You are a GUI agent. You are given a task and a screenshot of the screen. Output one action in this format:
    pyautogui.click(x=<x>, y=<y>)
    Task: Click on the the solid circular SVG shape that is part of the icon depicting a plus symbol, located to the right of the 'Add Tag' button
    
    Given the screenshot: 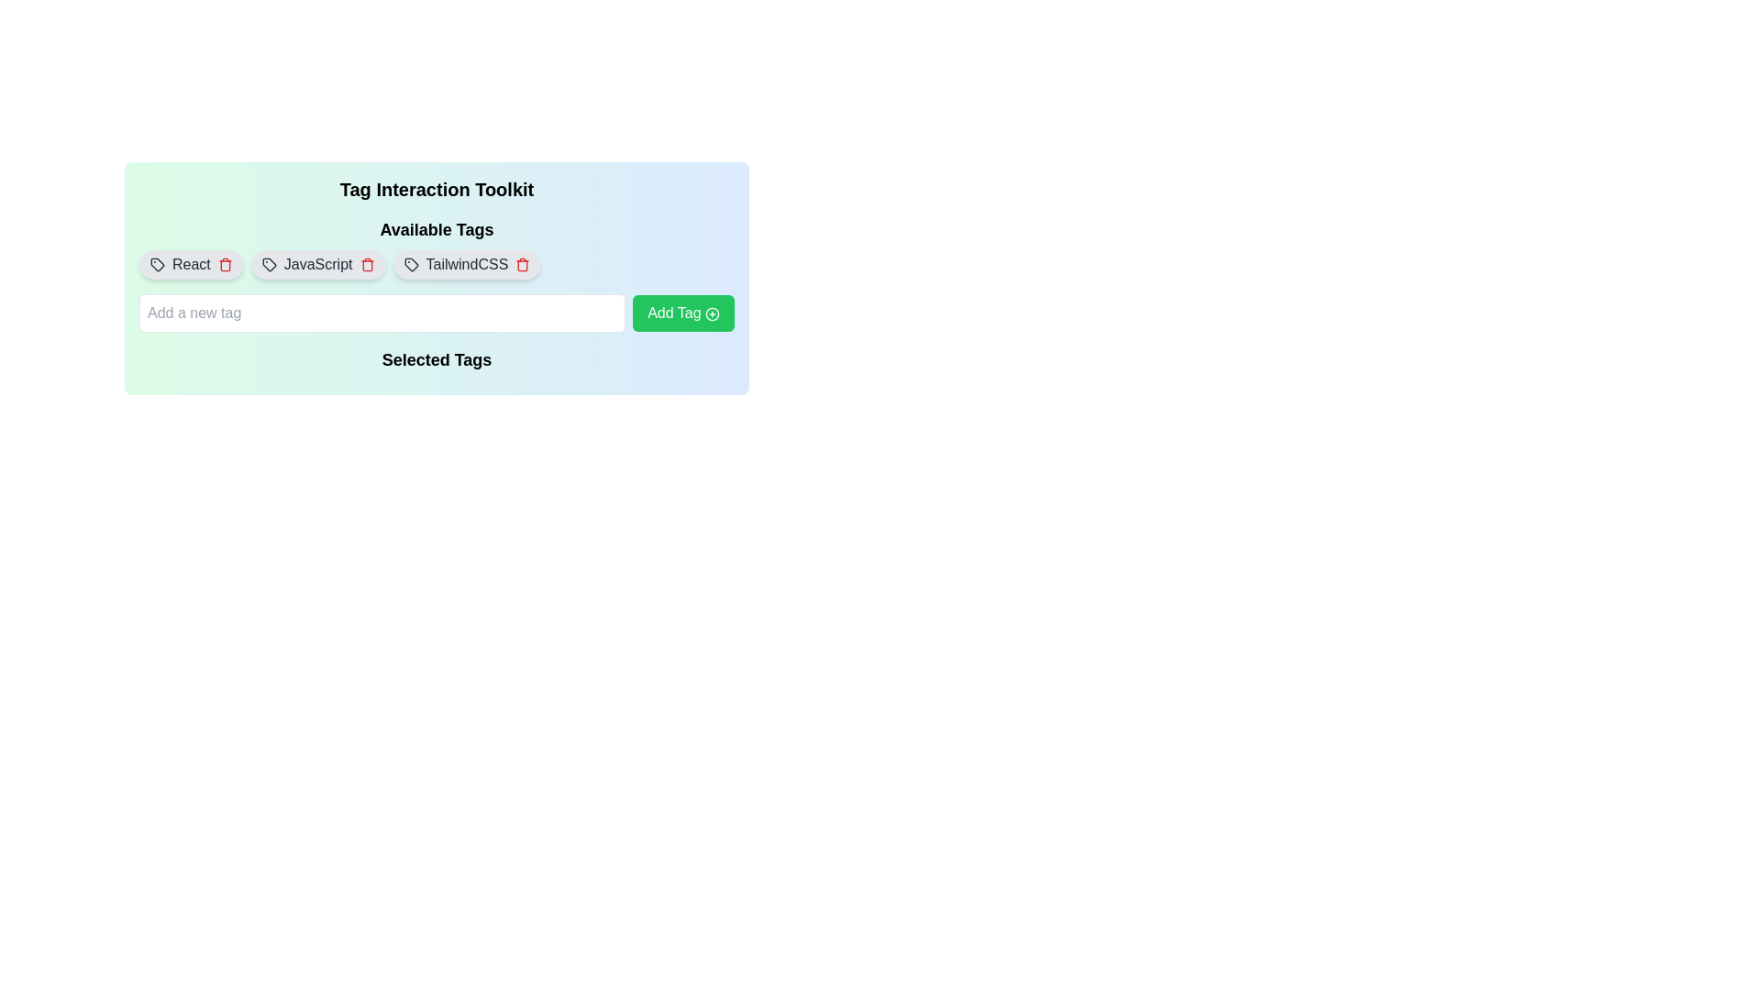 What is the action you would take?
    pyautogui.click(x=712, y=313)
    